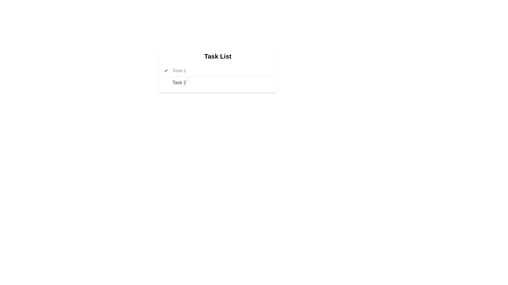 The image size is (508, 285). Describe the element at coordinates (179, 82) in the screenshot. I see `the text label displaying 'Task 2', which is styled with a gray font in a modern sans-serif typeface, located under the 'Task List' group` at that location.